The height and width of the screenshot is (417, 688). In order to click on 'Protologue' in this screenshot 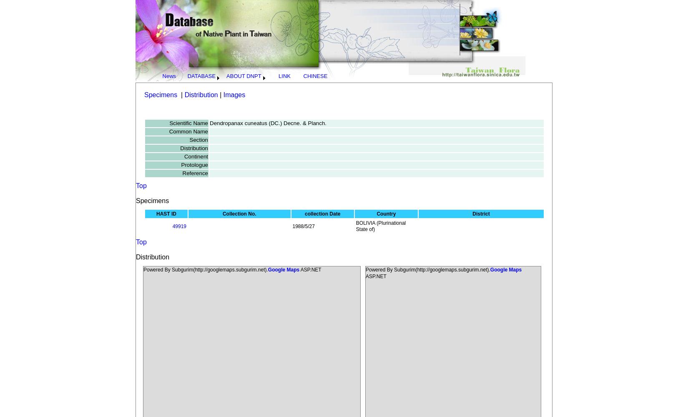, I will do `click(180, 165)`.